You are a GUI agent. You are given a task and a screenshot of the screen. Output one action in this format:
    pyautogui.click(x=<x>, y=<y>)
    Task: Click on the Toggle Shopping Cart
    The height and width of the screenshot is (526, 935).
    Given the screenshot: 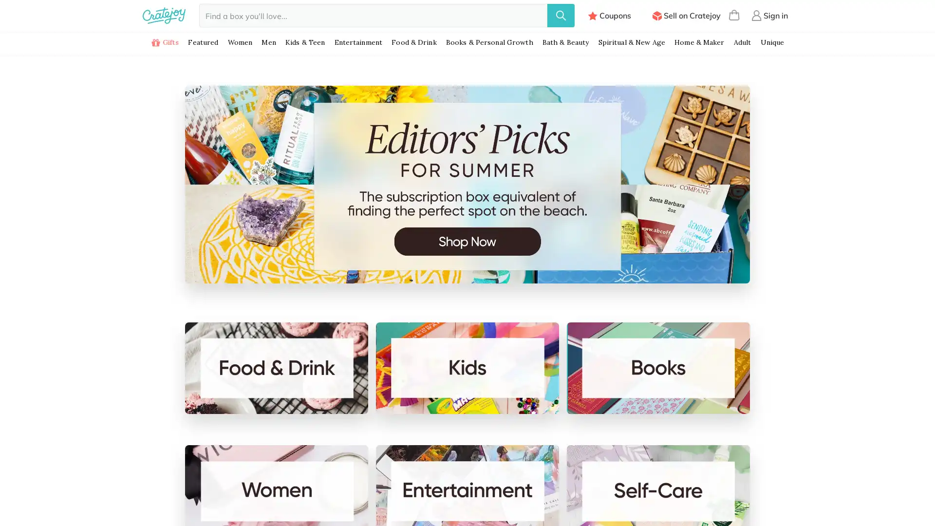 What is the action you would take?
    pyautogui.click(x=734, y=15)
    